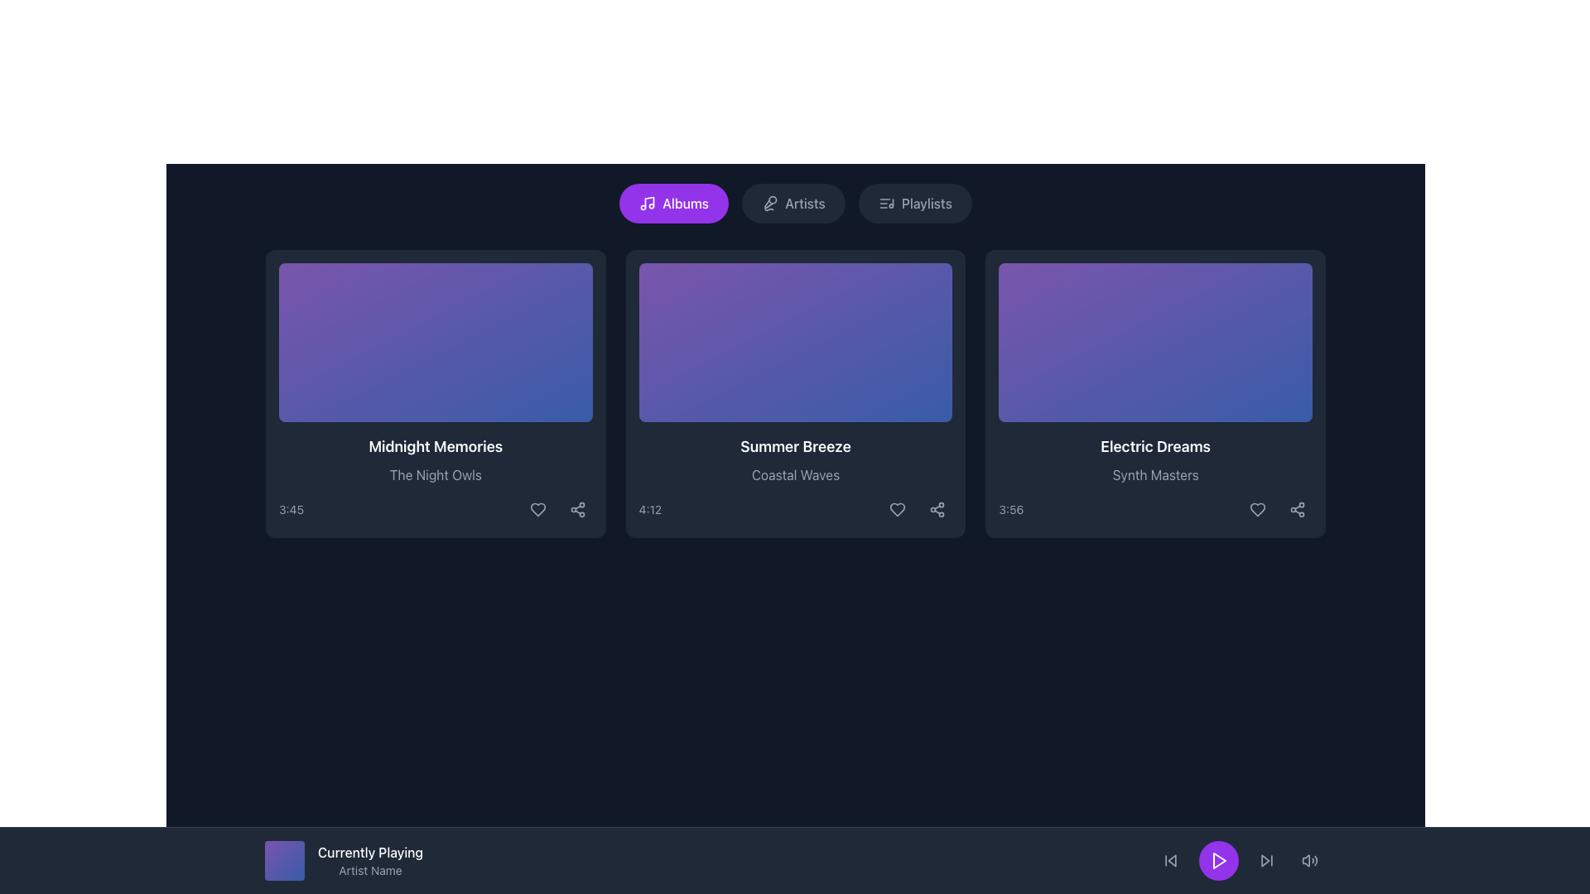  I want to click on the skip-forward button, which is the third interactive icon from the left in the bottom navigation bar, located between the play/pause button and the volume control icon, so click(1266, 860).